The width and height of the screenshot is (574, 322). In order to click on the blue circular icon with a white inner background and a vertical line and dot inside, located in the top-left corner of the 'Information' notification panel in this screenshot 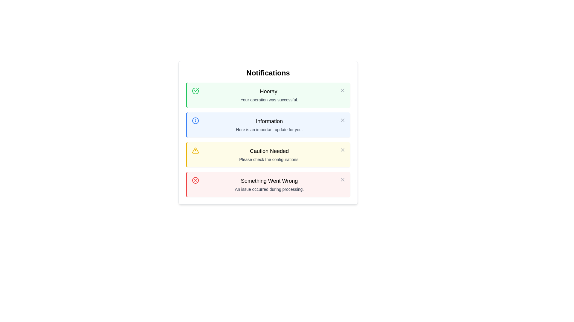, I will do `click(195, 121)`.